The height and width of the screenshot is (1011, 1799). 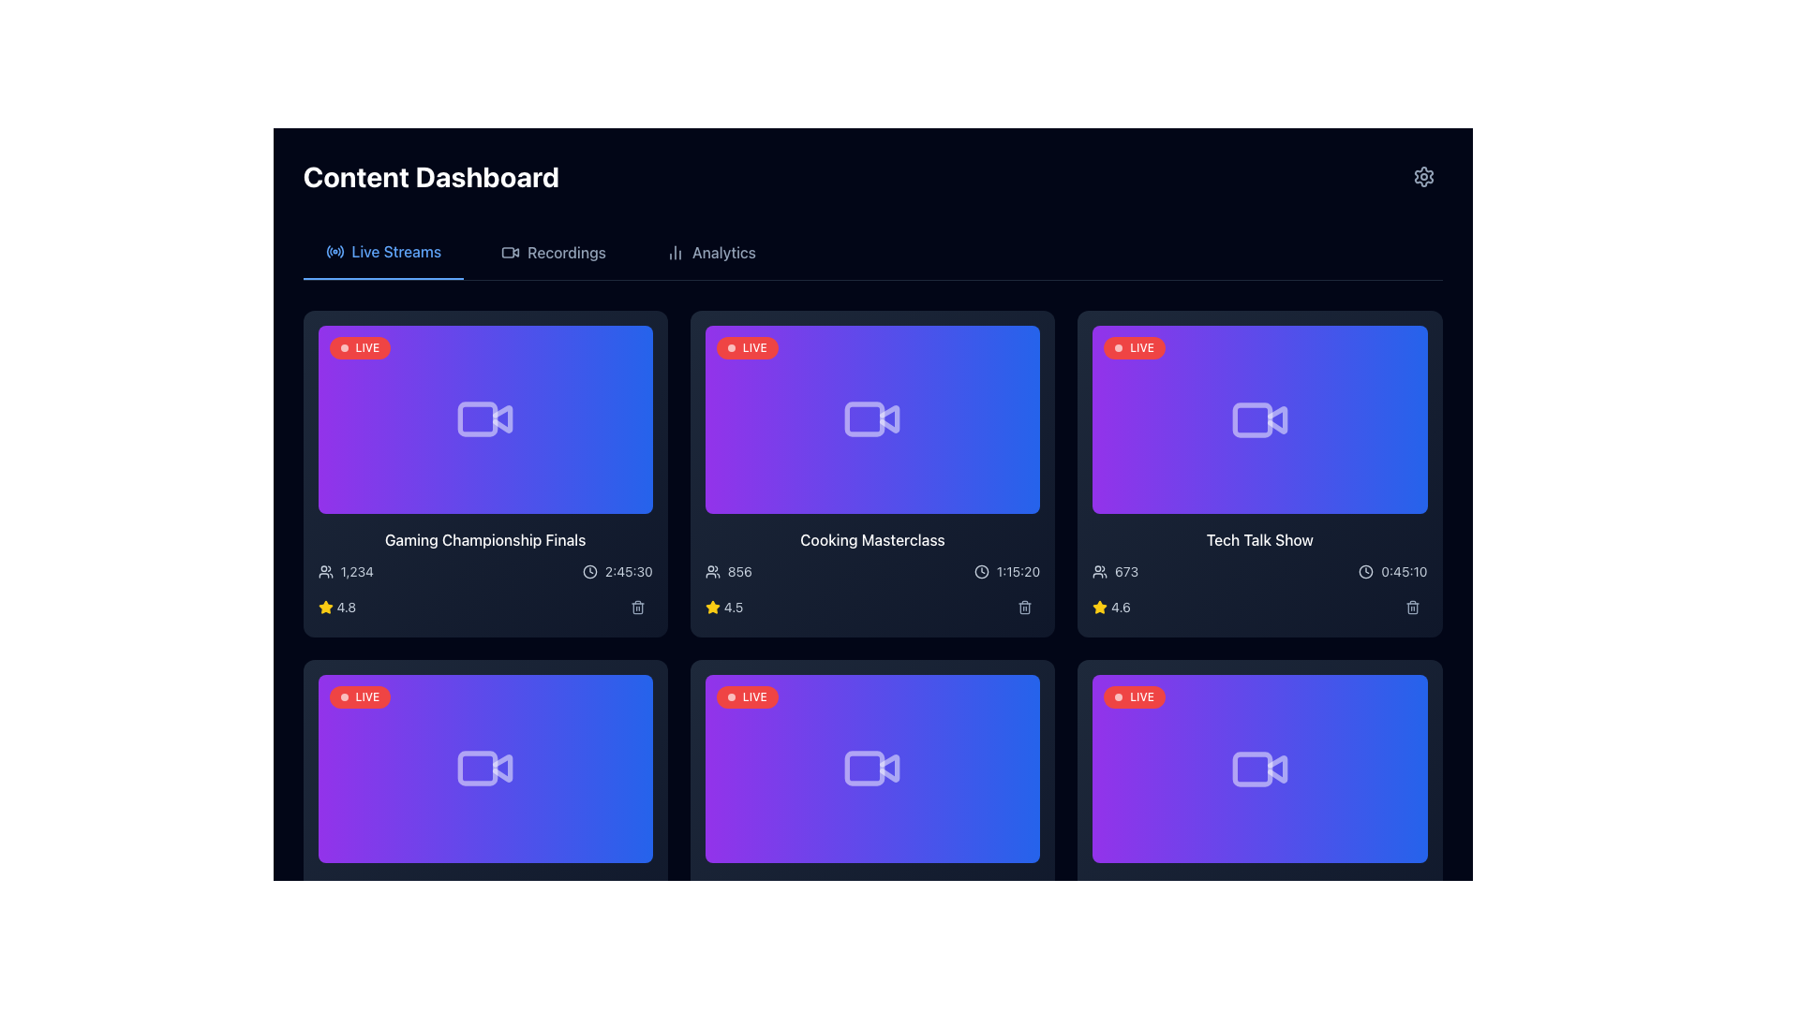 What do you see at coordinates (1024, 607) in the screenshot?
I see `the circular delete button with a trash can icon located in the bottom-right corner of the second card in the top row of the dashboard grid` at bounding box center [1024, 607].